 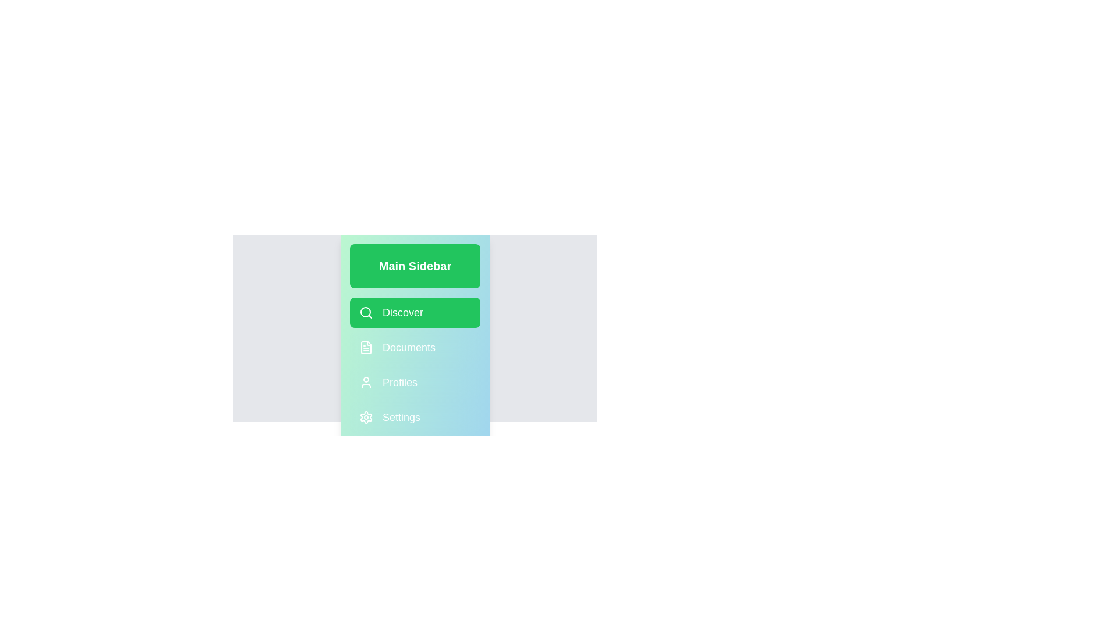 What do you see at coordinates (402, 312) in the screenshot?
I see `the 'Discover' text label, which is styled with white text on a green background and is part of a button-like component in the vertical menu` at bounding box center [402, 312].